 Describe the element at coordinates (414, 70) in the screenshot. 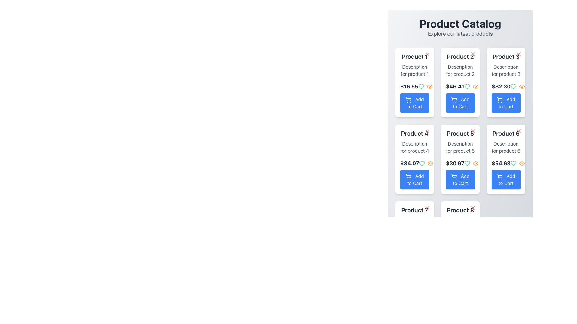

I see `the non-editable text field that provides descriptive information about 'Product 1', located beneath the title and above the price and action button in the product card` at that location.